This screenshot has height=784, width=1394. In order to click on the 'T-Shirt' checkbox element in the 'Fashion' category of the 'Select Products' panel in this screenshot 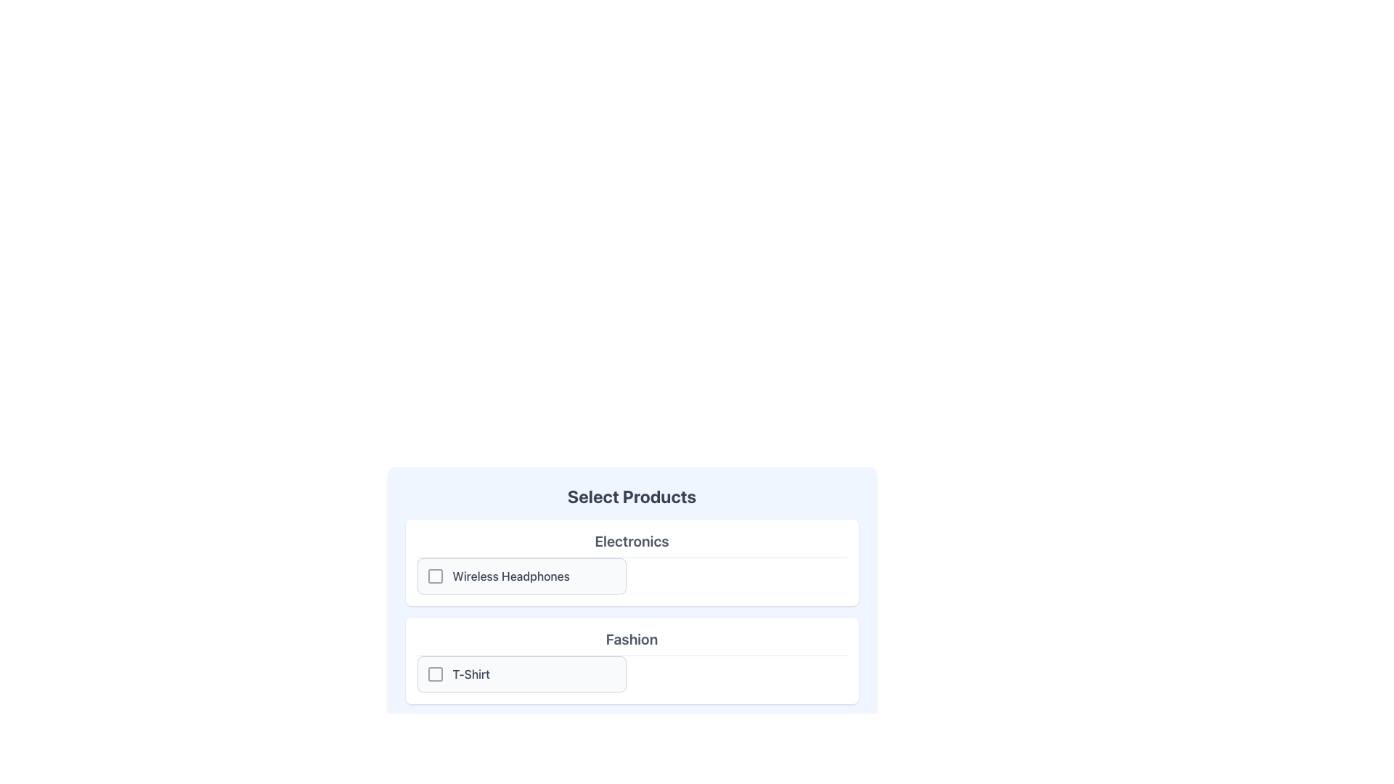, I will do `click(521, 674)`.